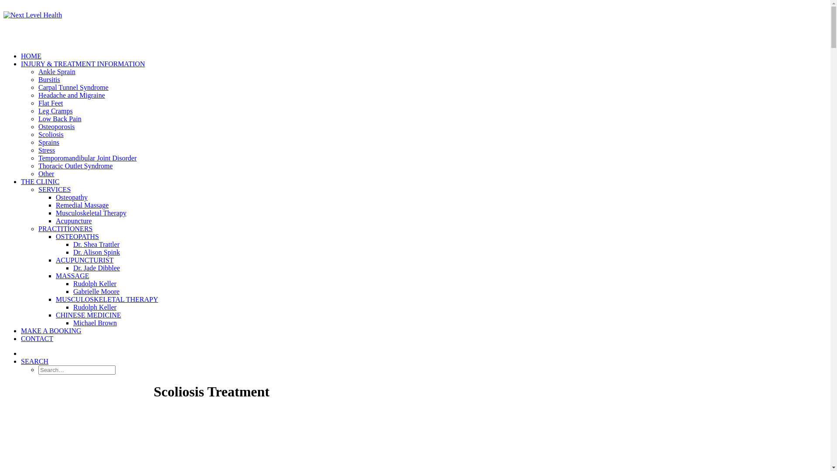 Image resolution: width=837 pixels, height=471 pixels. What do you see at coordinates (95, 283) in the screenshot?
I see `'Rudolph Keller'` at bounding box center [95, 283].